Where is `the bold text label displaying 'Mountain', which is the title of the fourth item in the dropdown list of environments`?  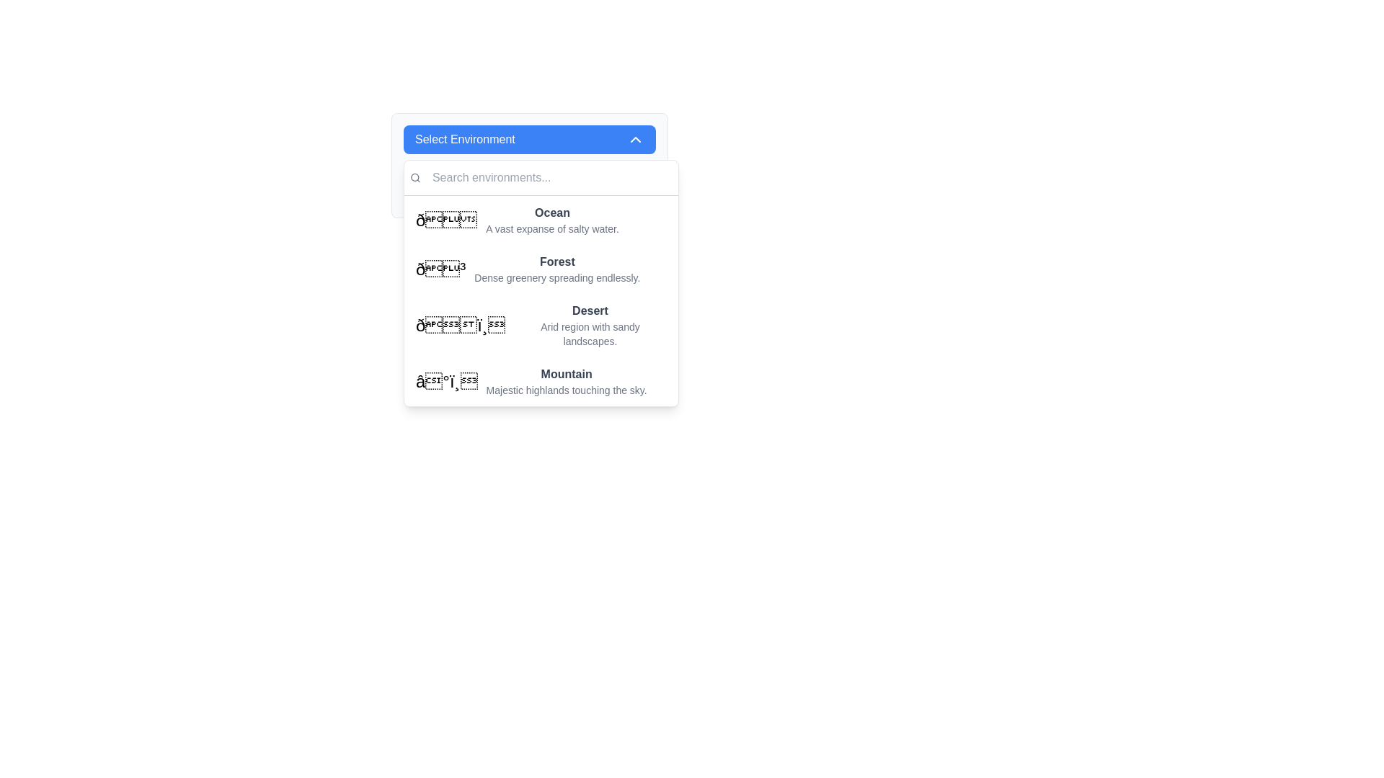
the bold text label displaying 'Mountain', which is the title of the fourth item in the dropdown list of environments is located at coordinates (566, 374).